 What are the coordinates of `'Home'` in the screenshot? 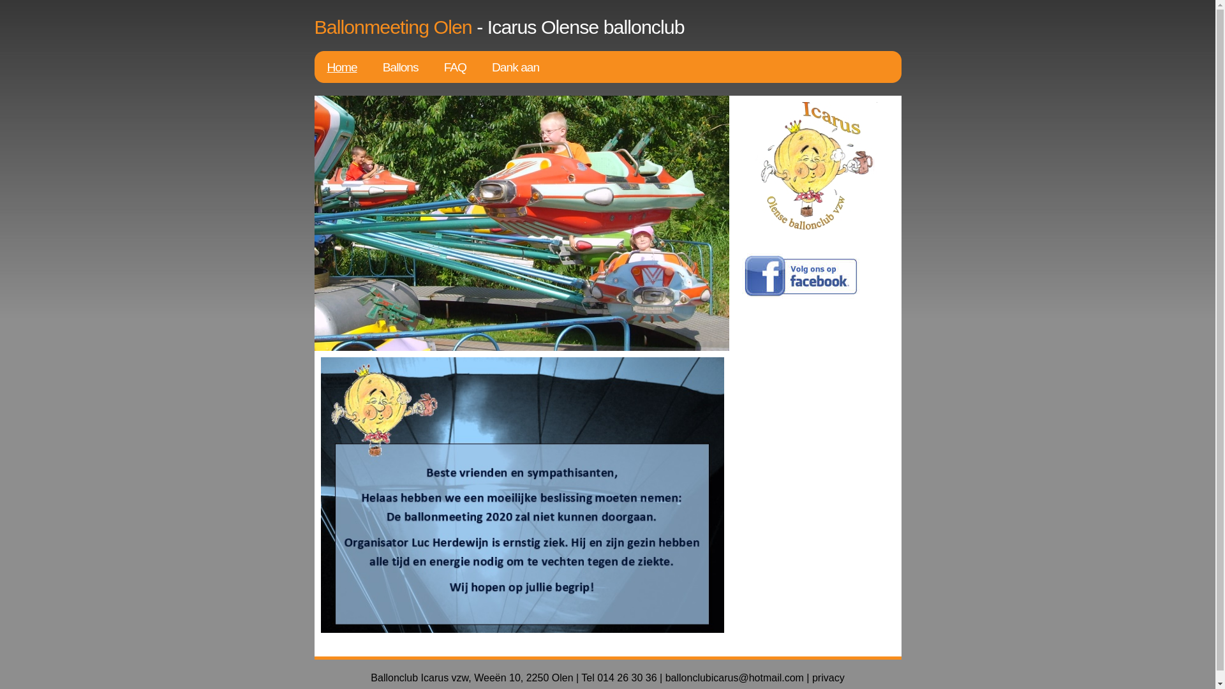 It's located at (341, 66).